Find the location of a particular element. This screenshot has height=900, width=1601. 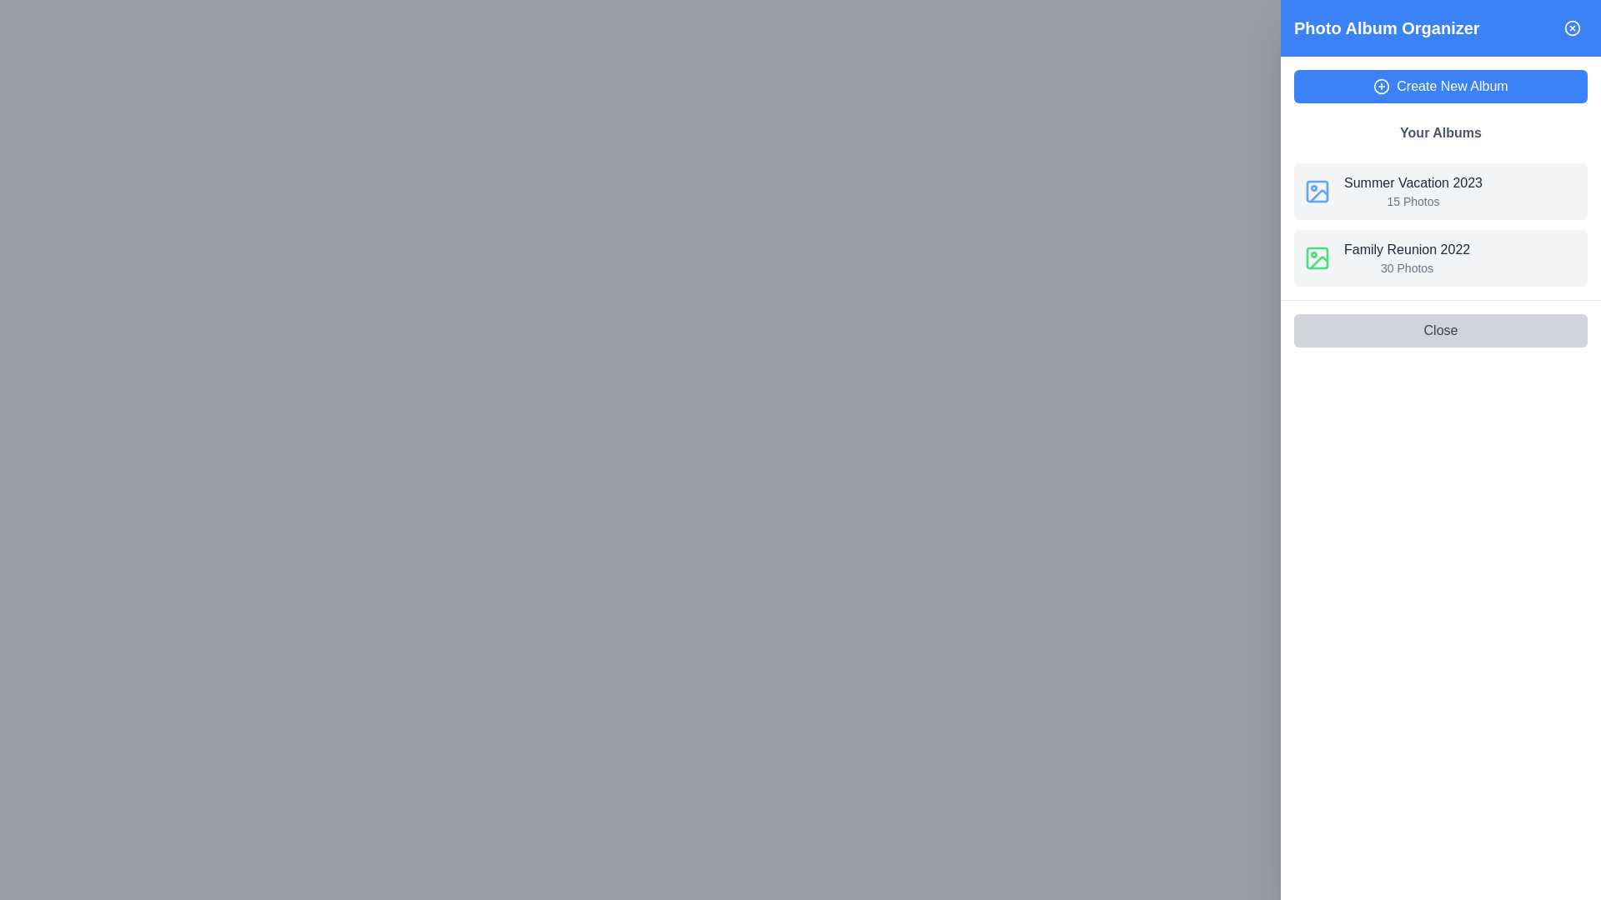

the 'Your Albums' text label, which is styled with a bold font and gray color, located below the 'Create New Album' button and above the album list section is located at coordinates (1440, 132).